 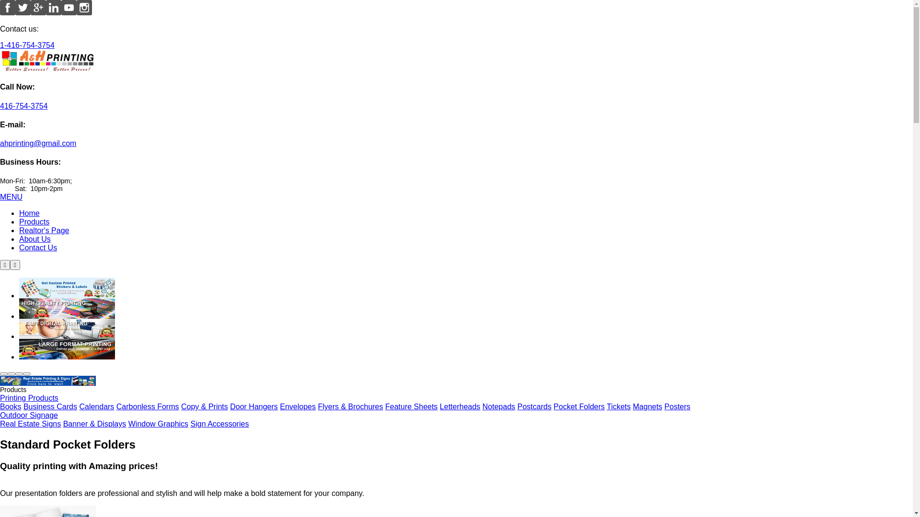 What do you see at coordinates (29, 415) in the screenshot?
I see `'Outdoor Signage'` at bounding box center [29, 415].